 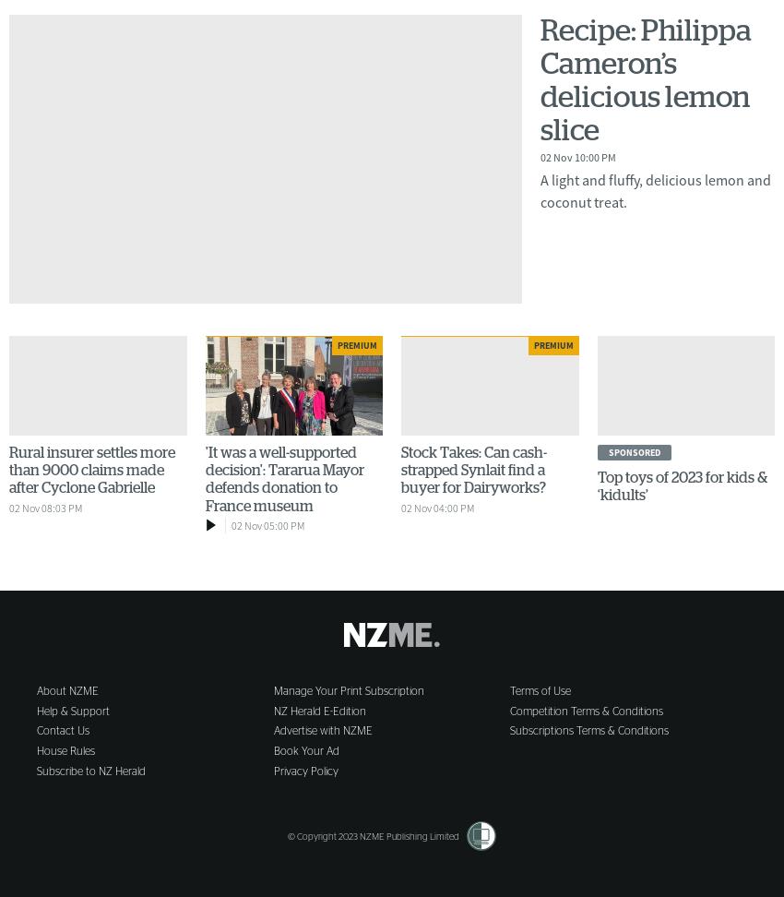 I want to click on 'Help & Support', so click(x=73, y=711).